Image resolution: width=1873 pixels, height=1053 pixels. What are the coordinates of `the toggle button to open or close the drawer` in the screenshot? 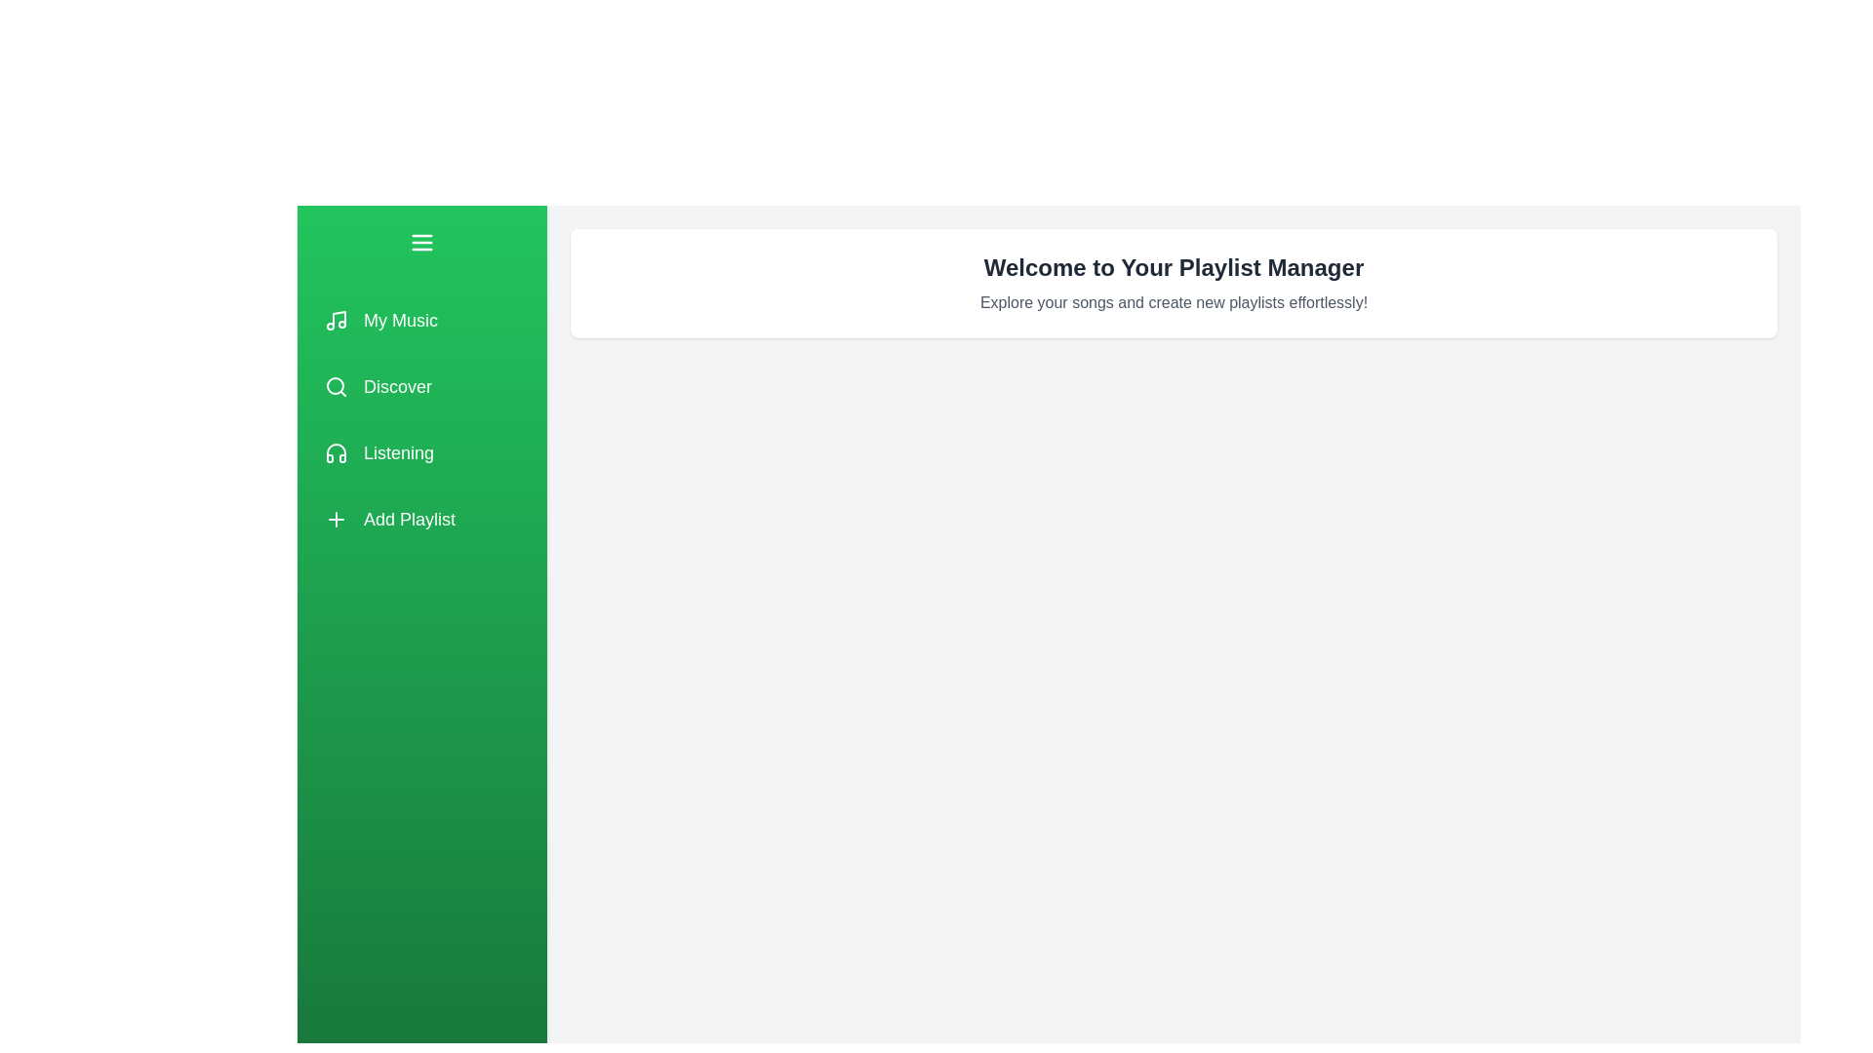 It's located at (420, 242).